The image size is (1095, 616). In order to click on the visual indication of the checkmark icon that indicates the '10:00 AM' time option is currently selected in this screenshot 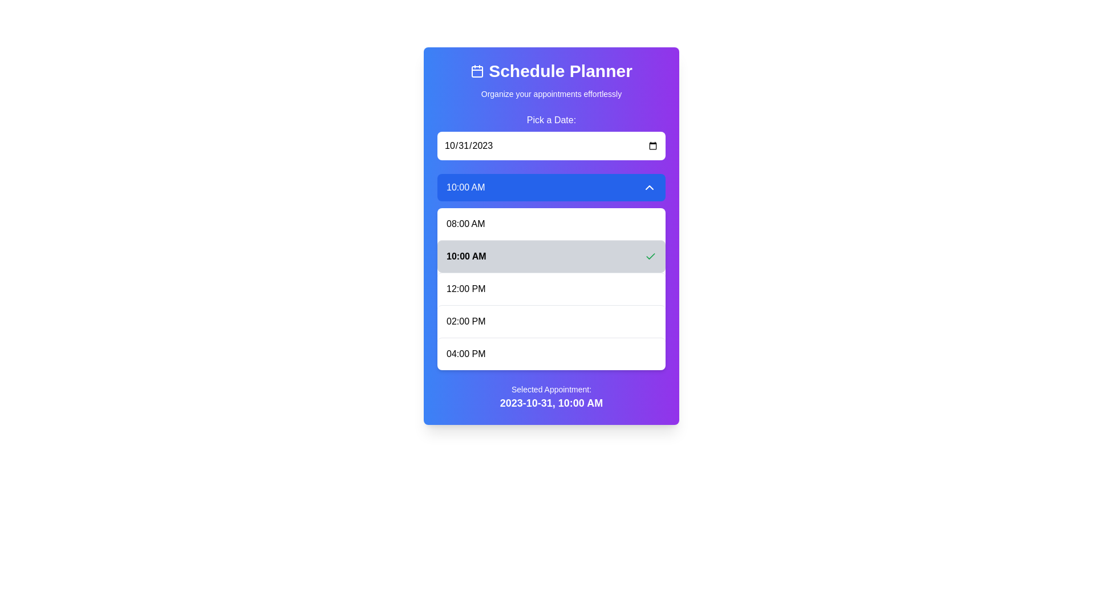, I will do `click(651, 257)`.